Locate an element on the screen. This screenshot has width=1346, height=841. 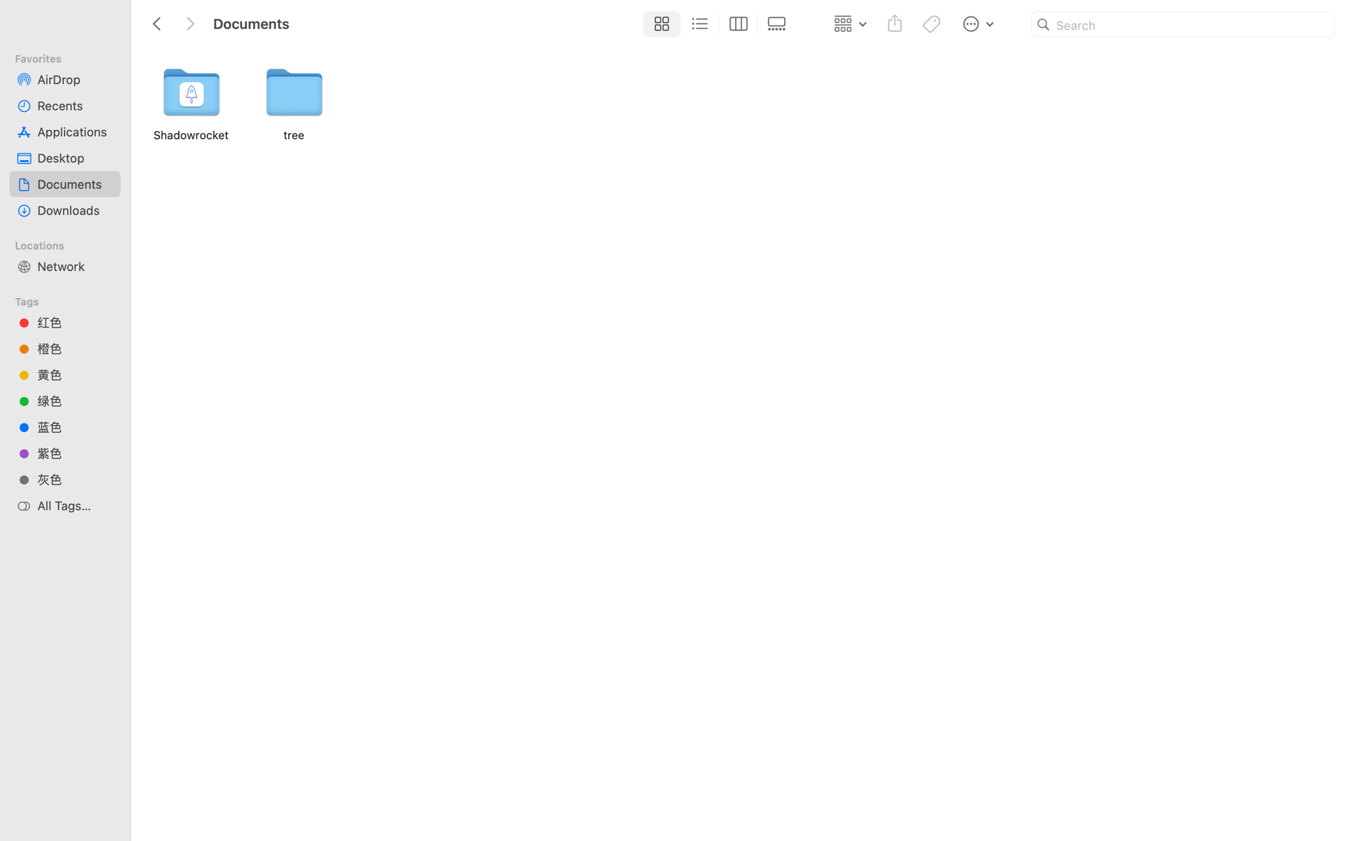
'Network' is located at coordinates (75, 266).